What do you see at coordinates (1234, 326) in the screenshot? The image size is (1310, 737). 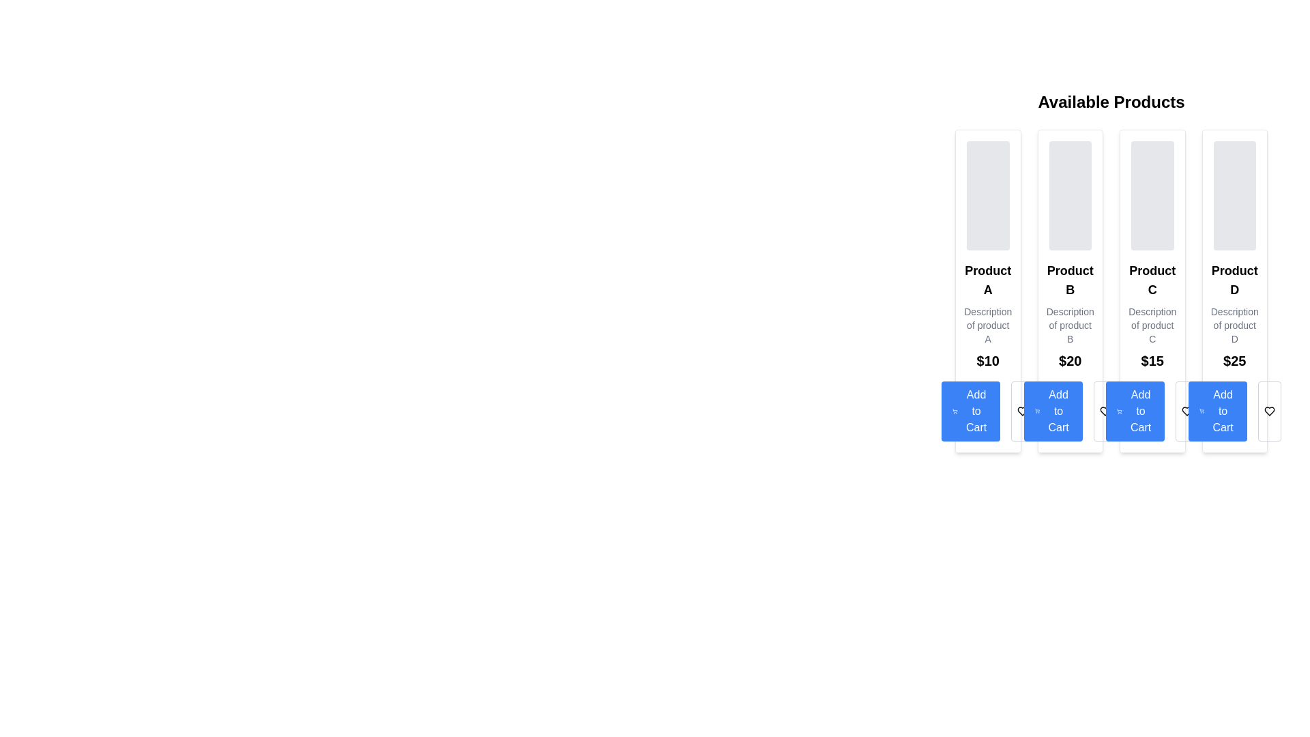 I see `the text label that provides a short description of 'Product D', located under the heading 'Product D' and above the price information` at bounding box center [1234, 326].